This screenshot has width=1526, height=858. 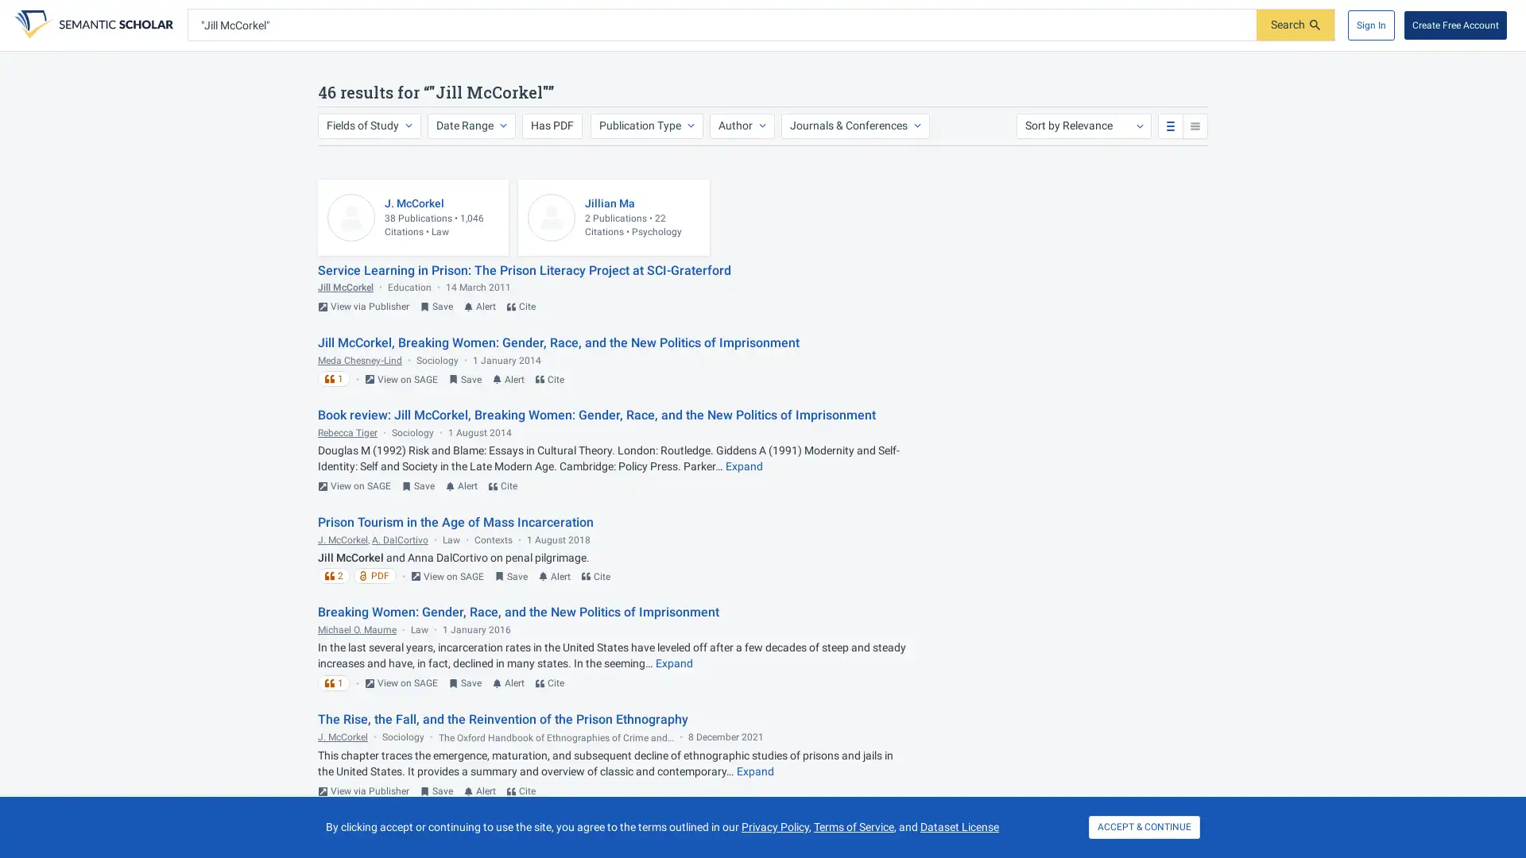 What do you see at coordinates (479, 307) in the screenshot?
I see `Turn on email alert for this paper` at bounding box center [479, 307].